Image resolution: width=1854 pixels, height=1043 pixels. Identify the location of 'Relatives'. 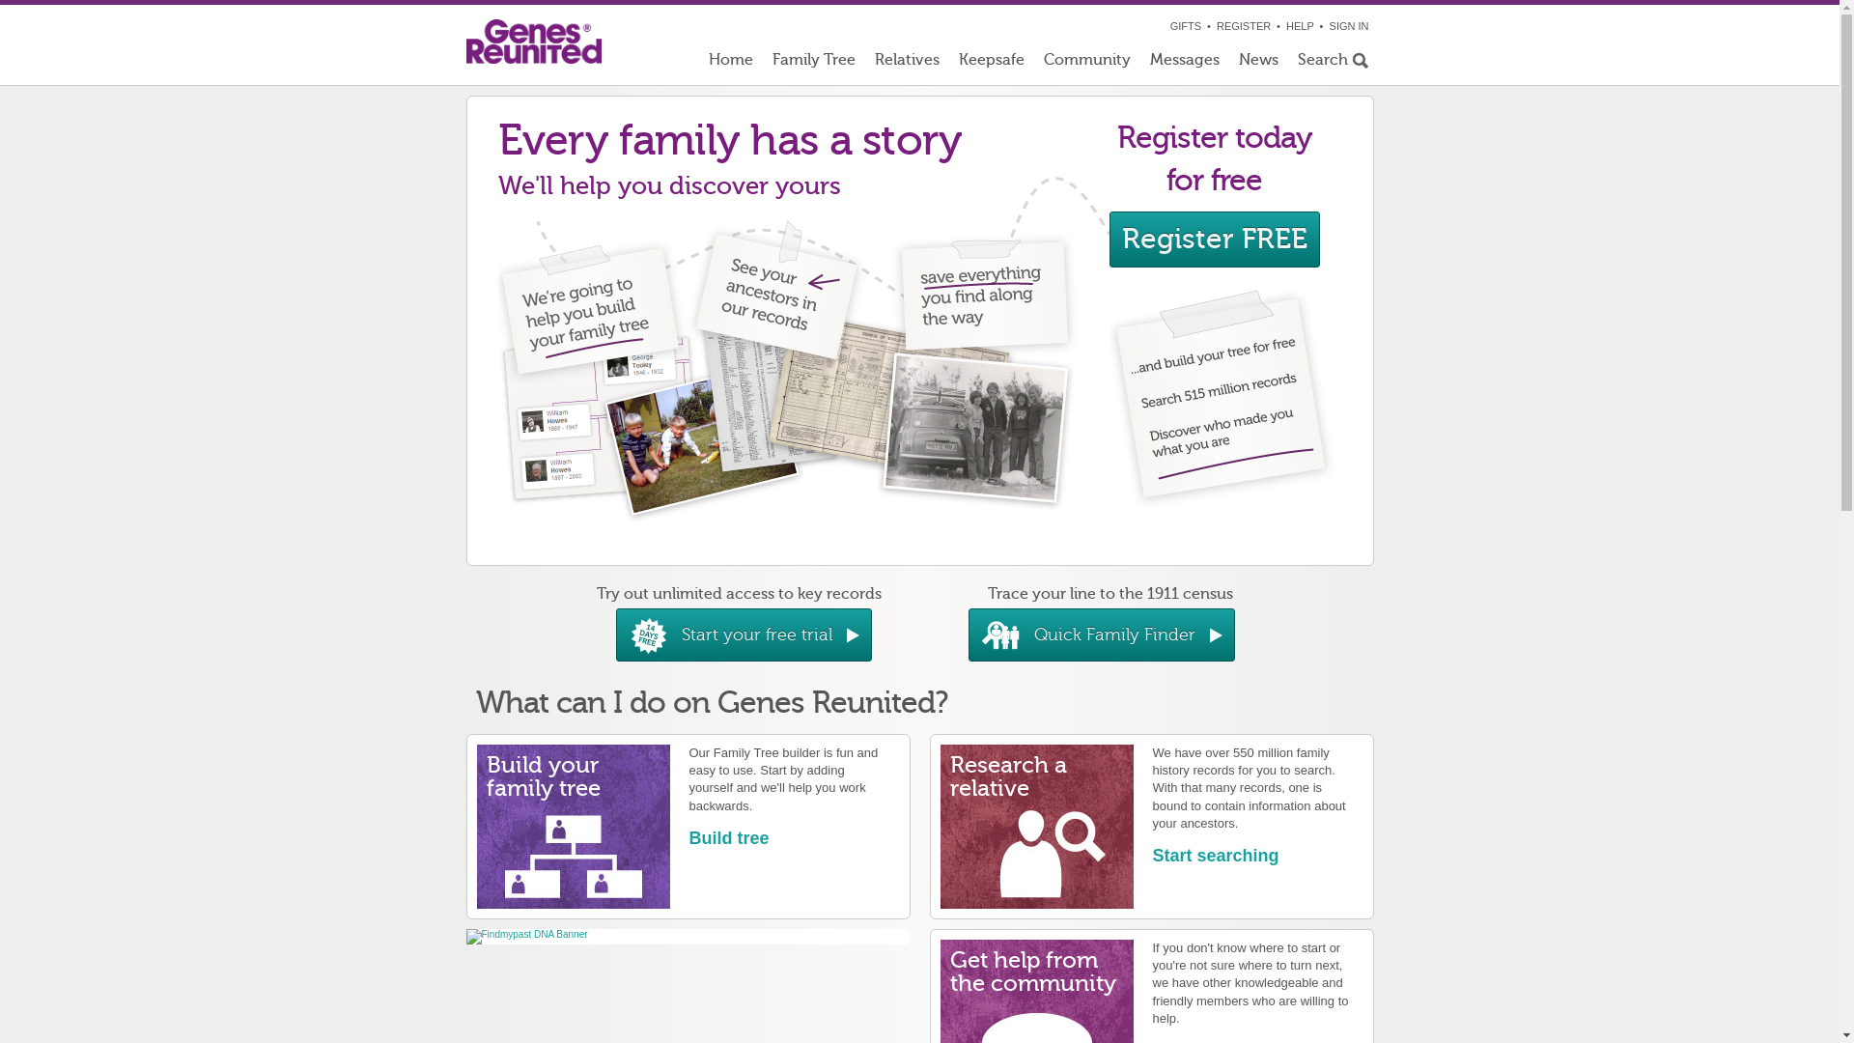
(906, 63).